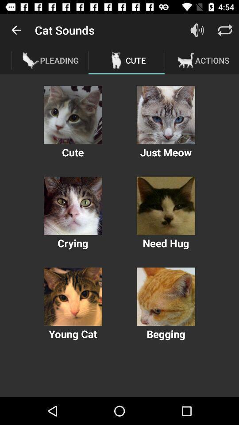  Describe the element at coordinates (73, 206) in the screenshot. I see `crying options` at that location.